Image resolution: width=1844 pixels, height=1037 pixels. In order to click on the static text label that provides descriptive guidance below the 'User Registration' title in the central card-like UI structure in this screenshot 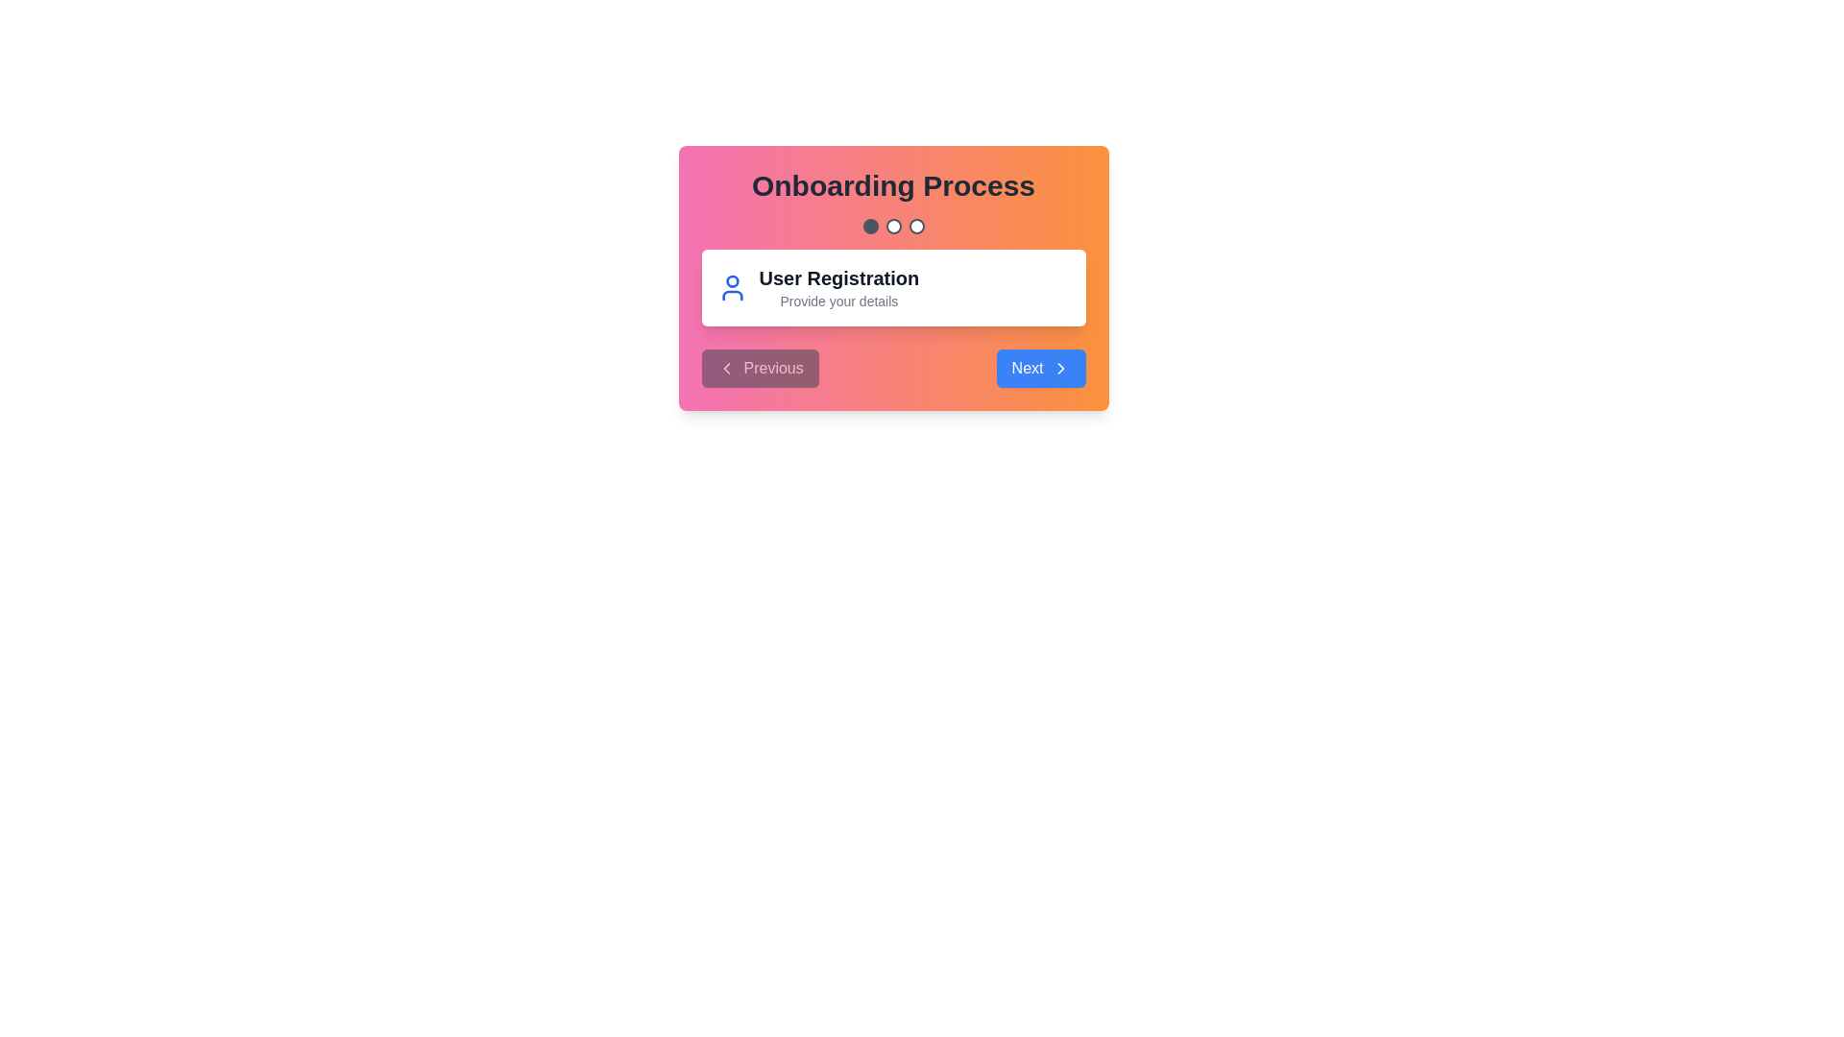, I will do `click(838, 301)`.